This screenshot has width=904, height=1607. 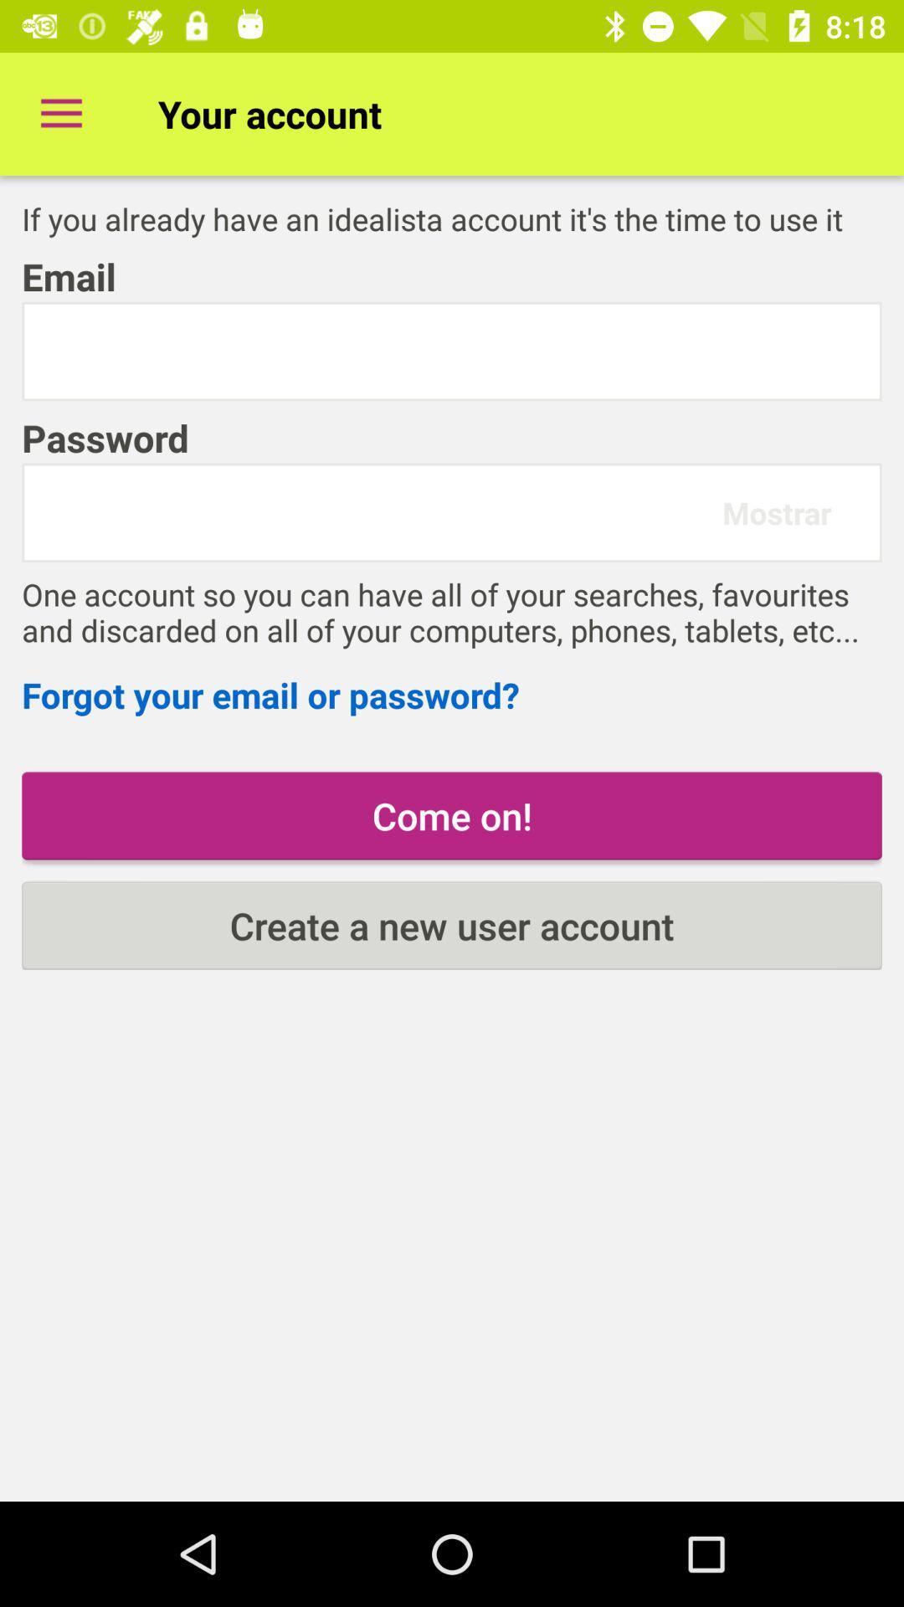 I want to click on password, so click(x=379, y=511).